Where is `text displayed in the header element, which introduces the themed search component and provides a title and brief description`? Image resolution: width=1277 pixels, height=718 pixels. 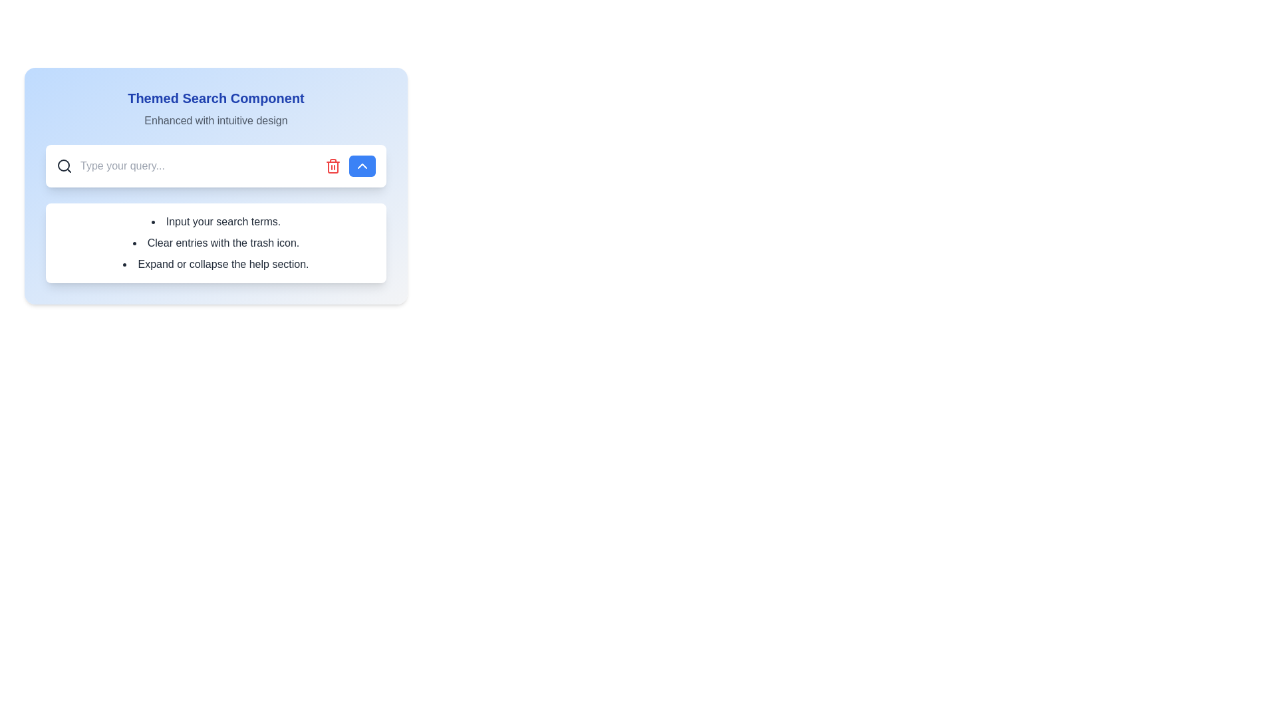 text displayed in the header element, which introduces the themed search component and provides a title and brief description is located at coordinates (216, 108).